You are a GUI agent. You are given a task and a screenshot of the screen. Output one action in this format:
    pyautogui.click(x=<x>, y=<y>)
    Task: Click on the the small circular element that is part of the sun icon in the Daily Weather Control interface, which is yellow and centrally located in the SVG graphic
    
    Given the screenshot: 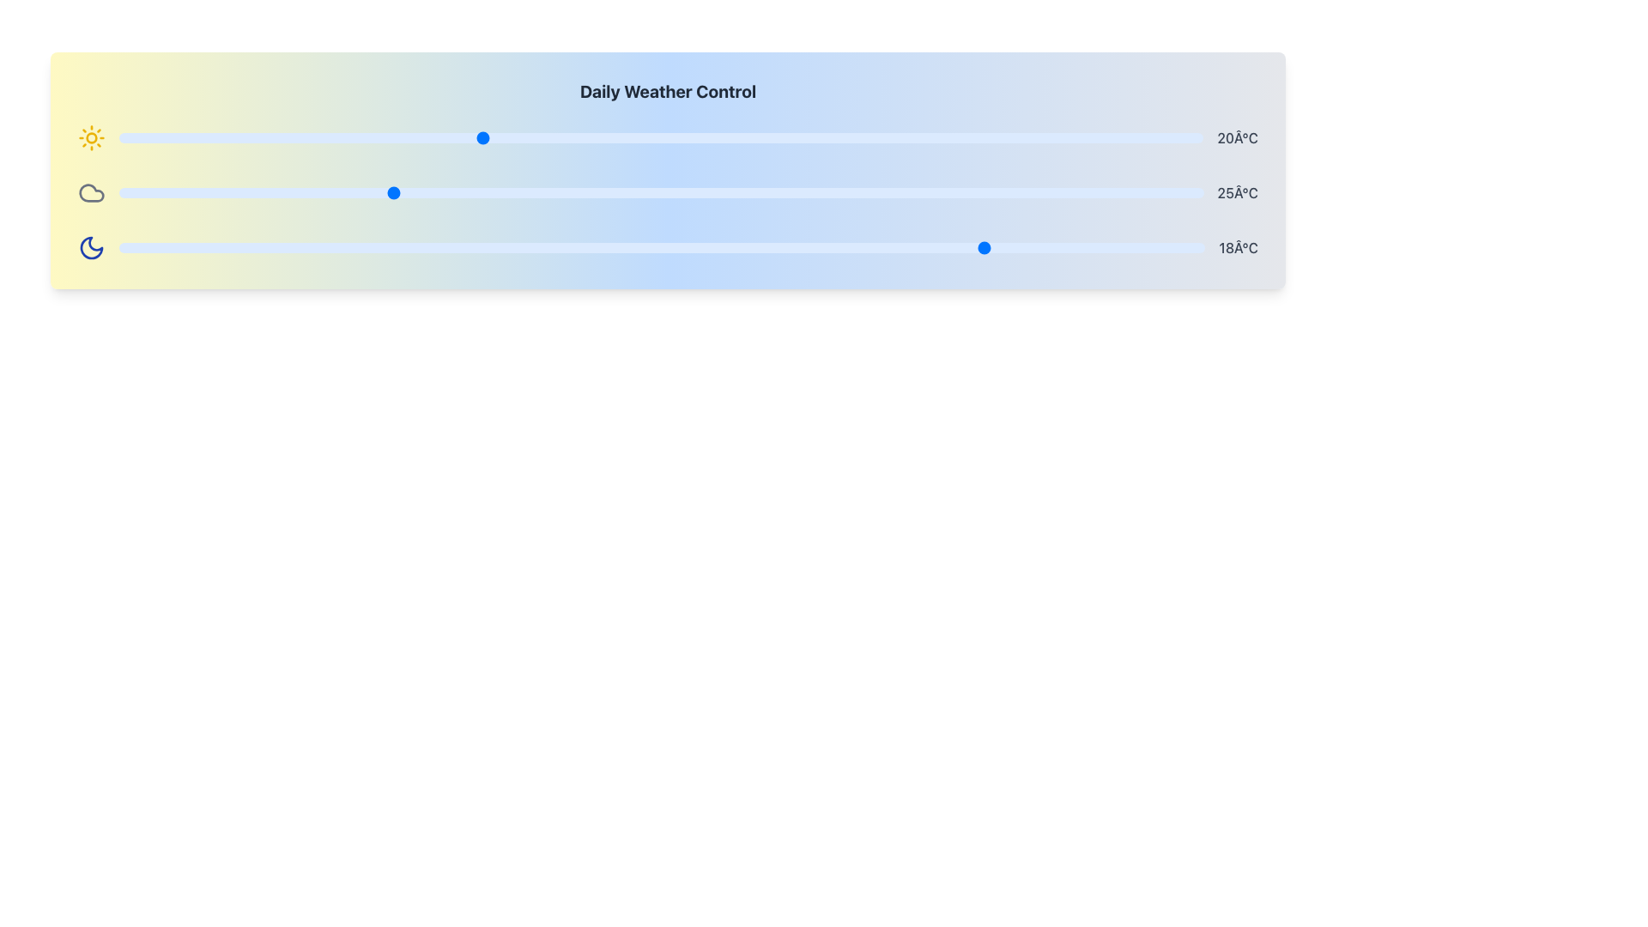 What is the action you would take?
    pyautogui.click(x=90, y=137)
    